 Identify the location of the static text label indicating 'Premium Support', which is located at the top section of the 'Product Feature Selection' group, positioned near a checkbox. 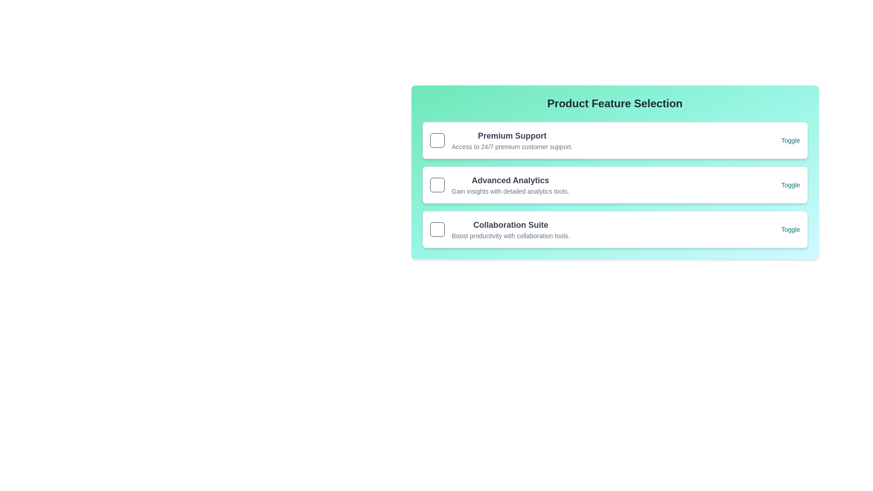
(512, 136).